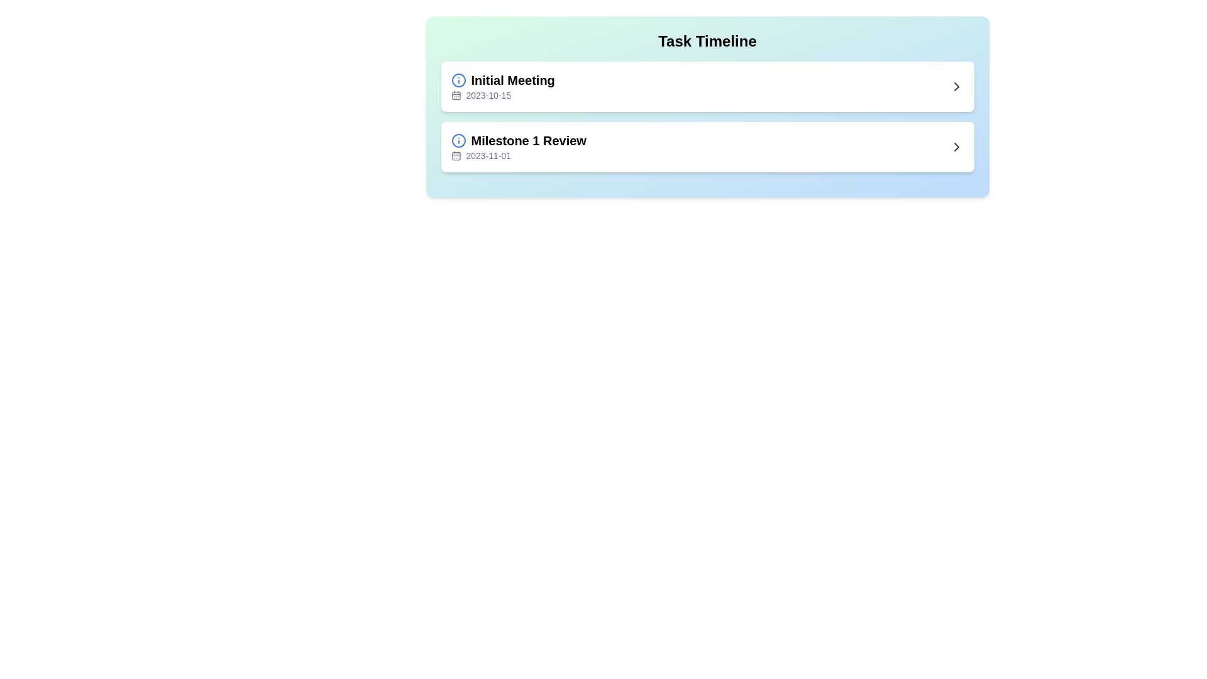 This screenshot has width=1207, height=679. I want to click on the content of the text label reading 'Milestone 1 Review', which is the second item in the 'Task Timeline' section, located beneath 'Initial Meeting', so click(519, 140).